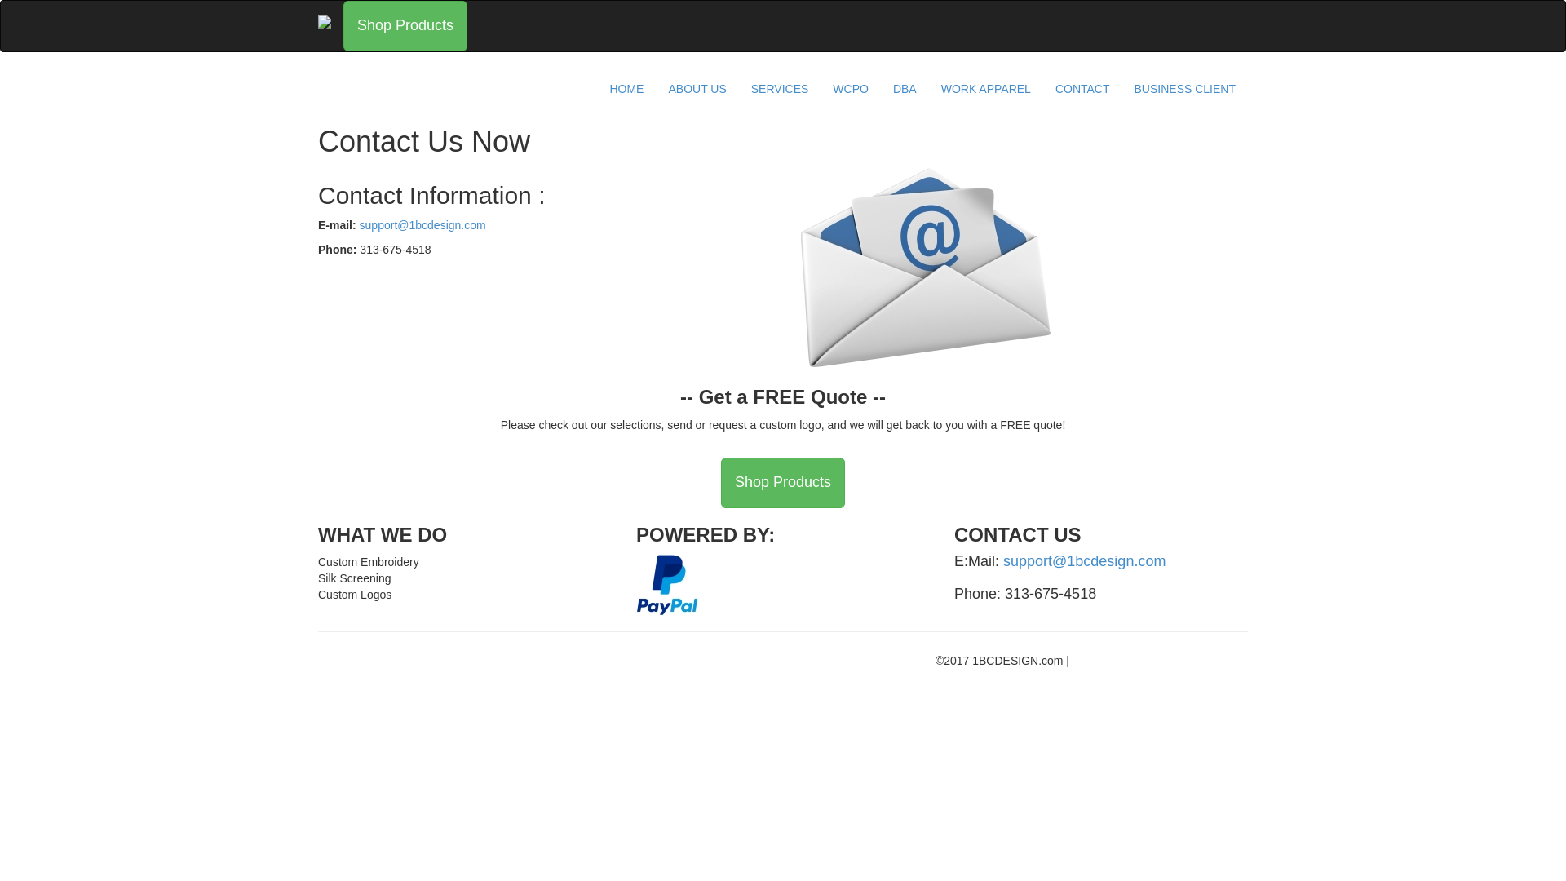 The image size is (1566, 881). Describe the element at coordinates (849, 88) in the screenshot. I see `'WCPO'` at that location.